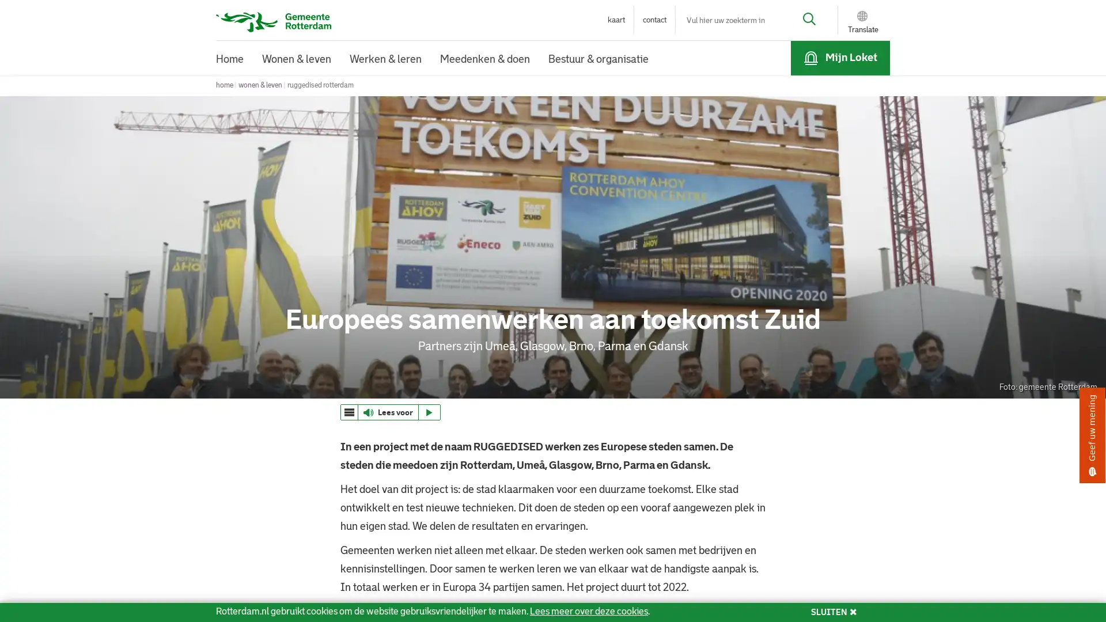  What do you see at coordinates (1092, 435) in the screenshot?
I see `Geef uw mening` at bounding box center [1092, 435].